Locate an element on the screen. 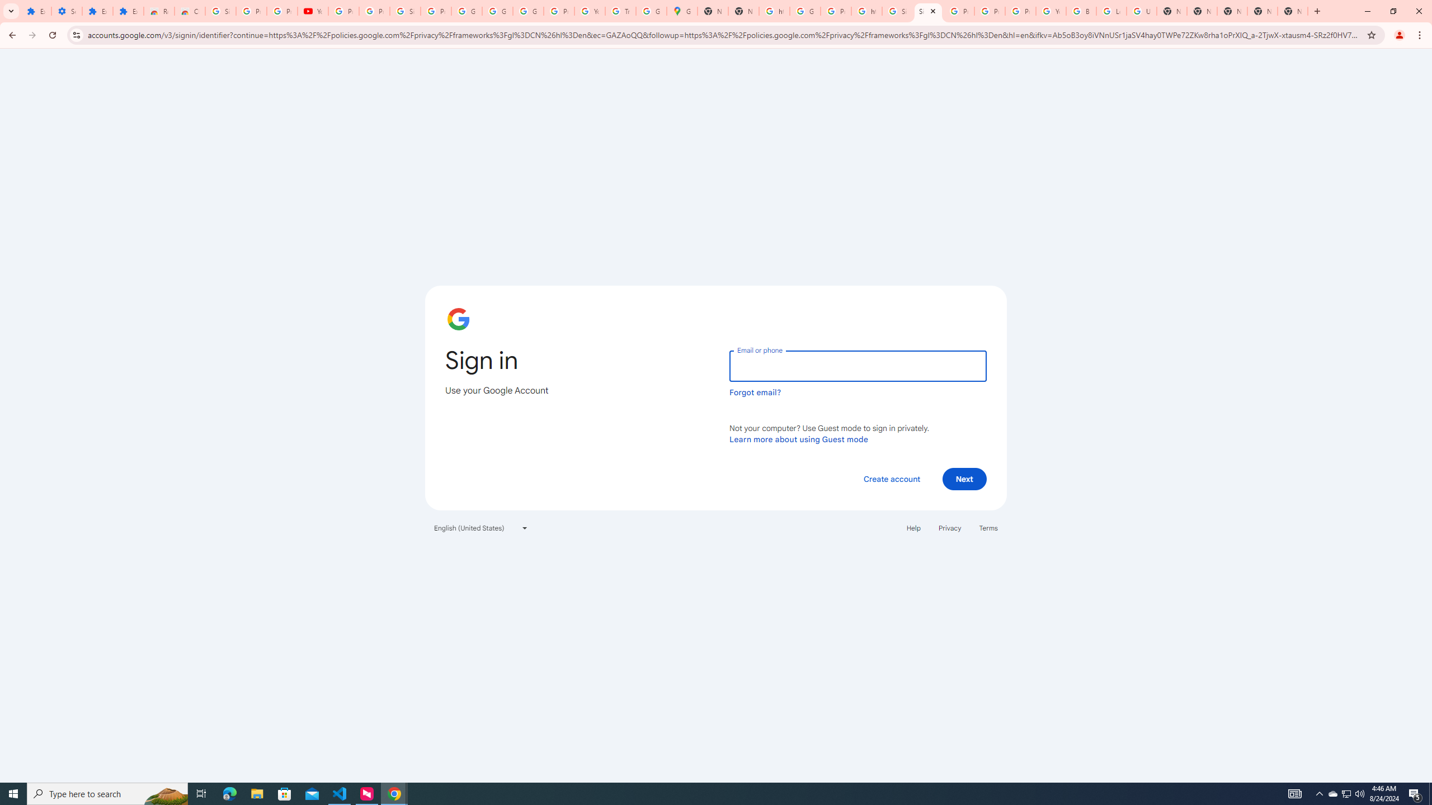 The width and height of the screenshot is (1432, 805). 'Browse Chrome as a guest - Computer - Google Chrome Help' is located at coordinates (1081, 11).